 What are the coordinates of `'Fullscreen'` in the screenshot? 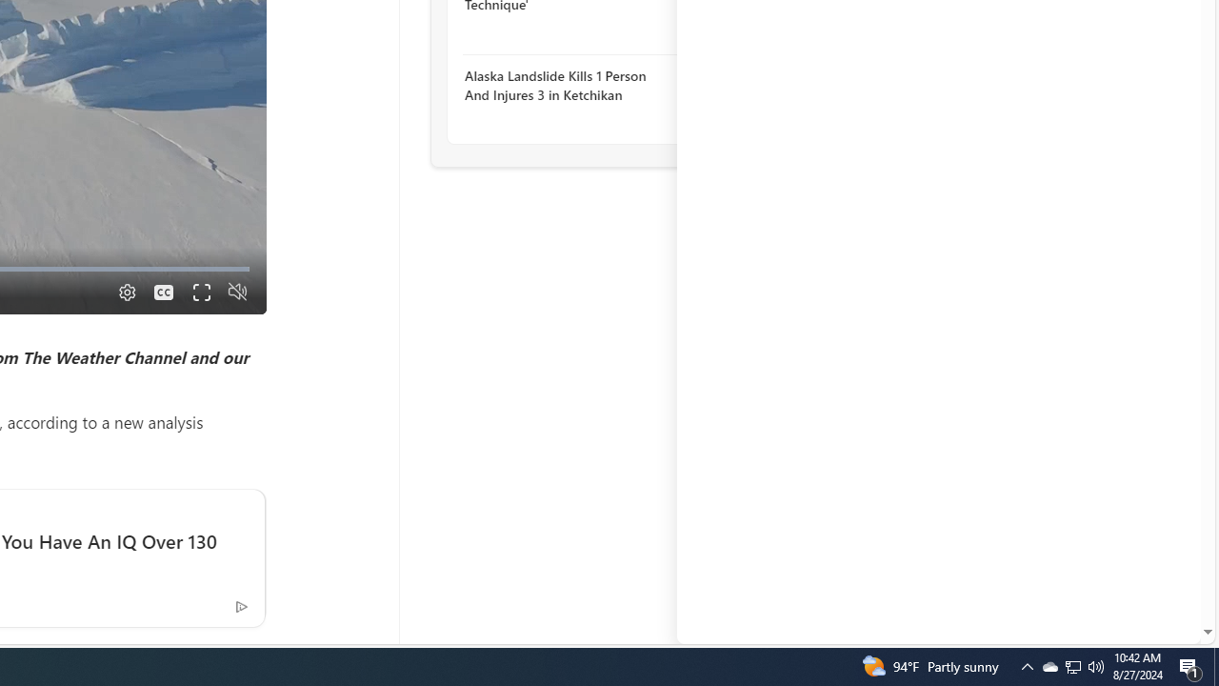 It's located at (201, 292).